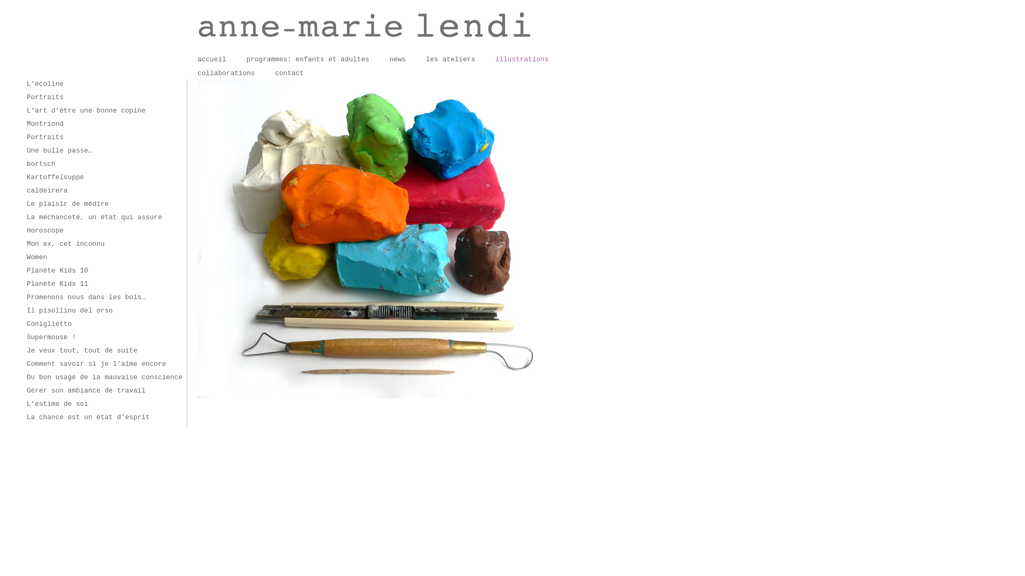 Image resolution: width=1025 pixels, height=576 pixels. Describe the element at coordinates (51, 337) in the screenshot. I see `'Supermouse !'` at that location.